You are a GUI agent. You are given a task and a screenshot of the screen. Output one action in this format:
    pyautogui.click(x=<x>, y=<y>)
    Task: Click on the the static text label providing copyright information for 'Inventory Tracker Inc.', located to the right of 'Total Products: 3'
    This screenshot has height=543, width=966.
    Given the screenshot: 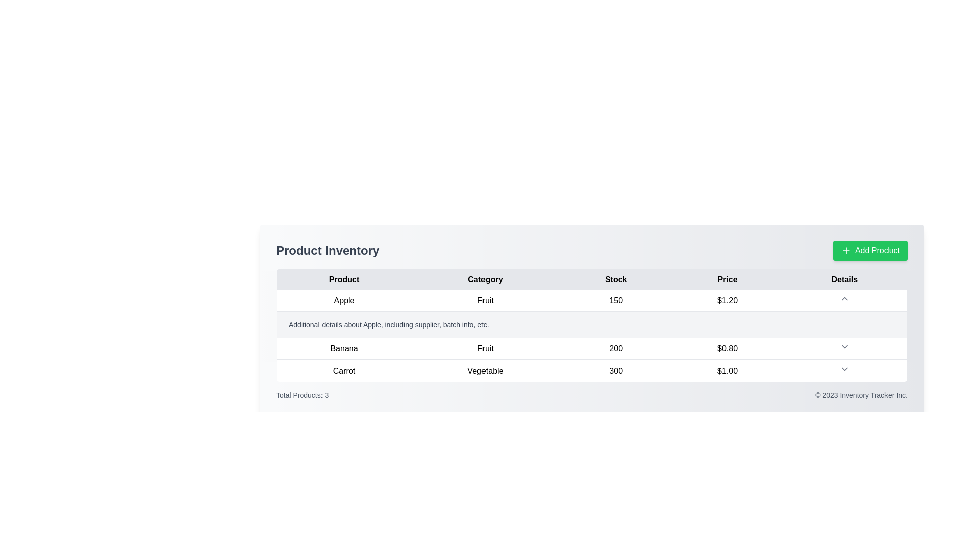 What is the action you would take?
    pyautogui.click(x=861, y=395)
    